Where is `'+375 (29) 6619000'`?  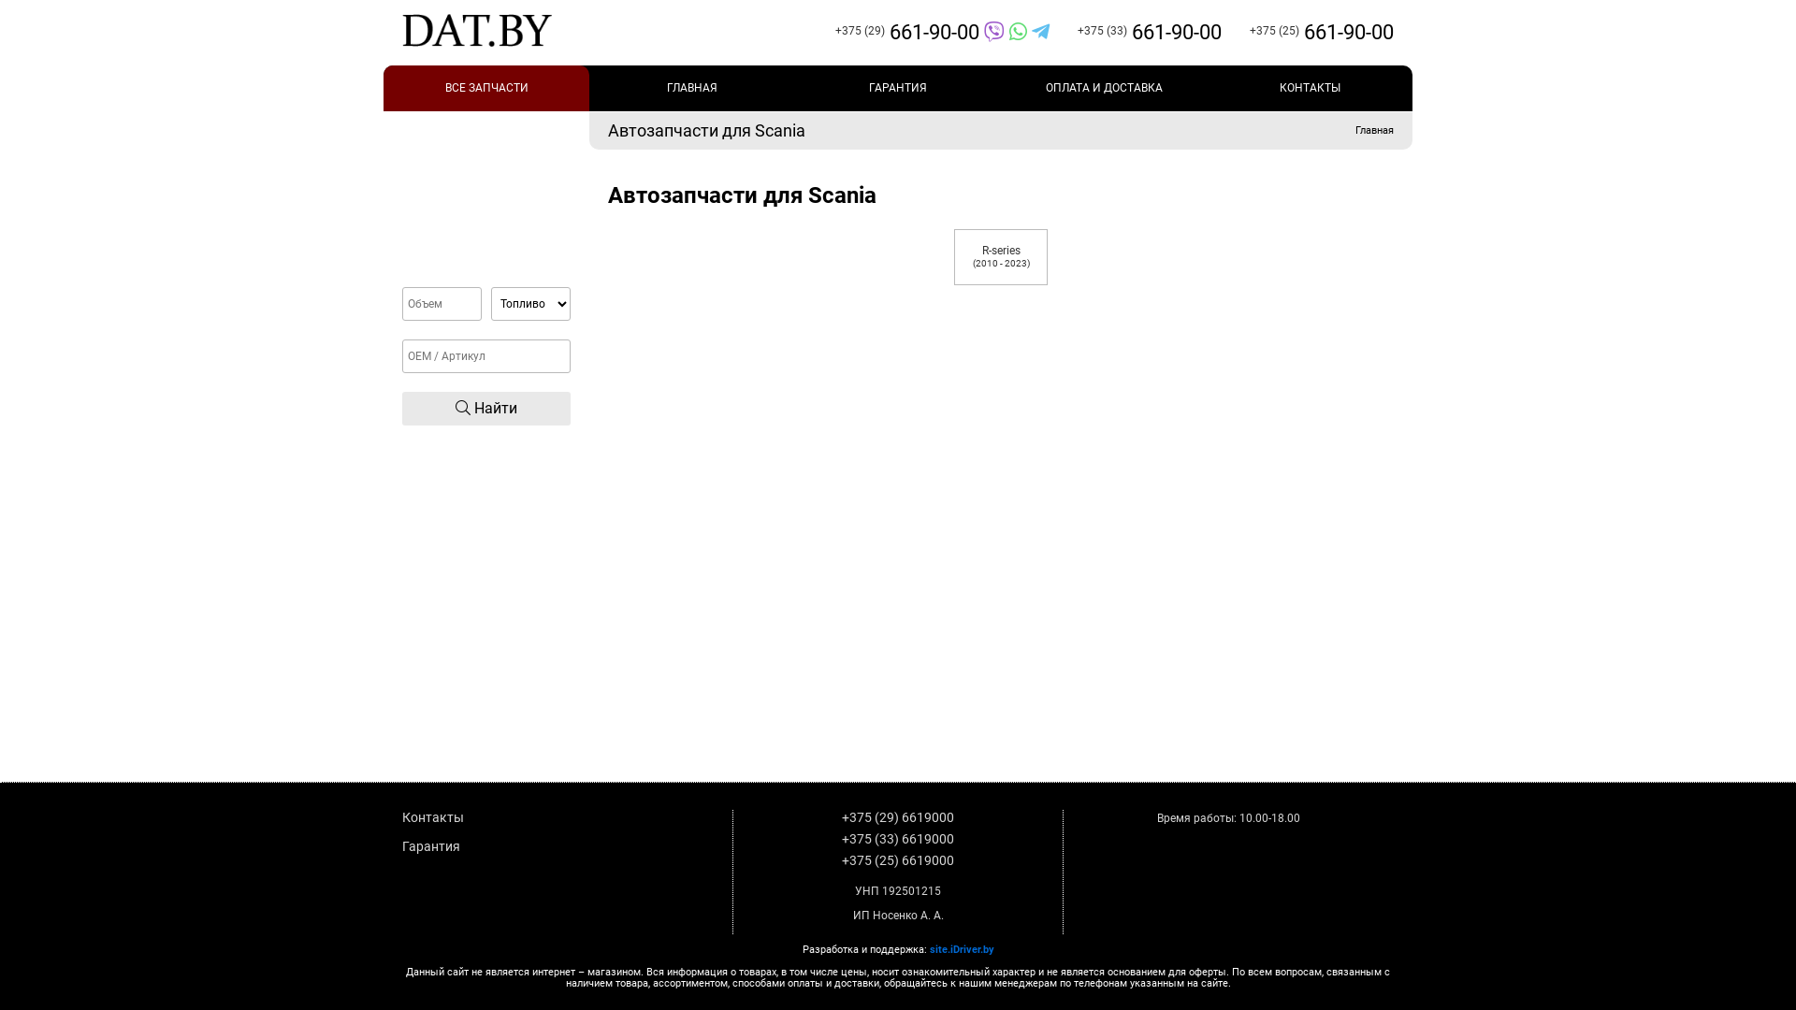 '+375 (29) 6619000' is located at coordinates (898, 816).